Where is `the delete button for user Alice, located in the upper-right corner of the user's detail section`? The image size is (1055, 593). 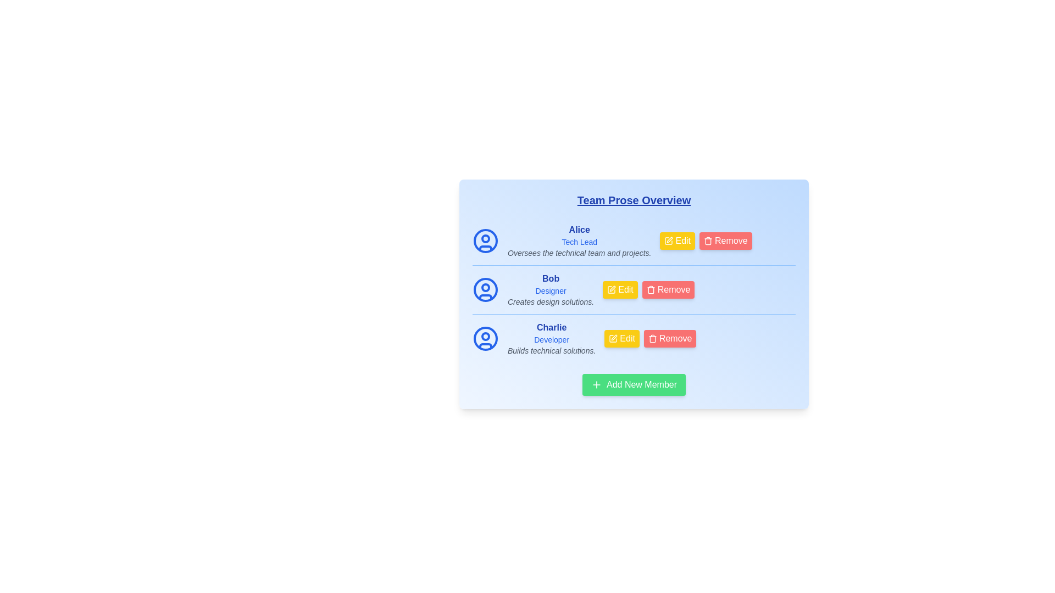 the delete button for user Alice, located in the upper-right corner of the user's detail section is located at coordinates (725, 240).